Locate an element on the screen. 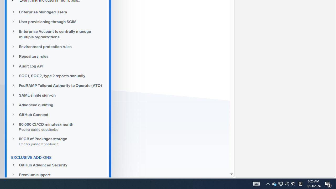 This screenshot has width=336, height=189. 'Premium support' is located at coordinates (58, 175).